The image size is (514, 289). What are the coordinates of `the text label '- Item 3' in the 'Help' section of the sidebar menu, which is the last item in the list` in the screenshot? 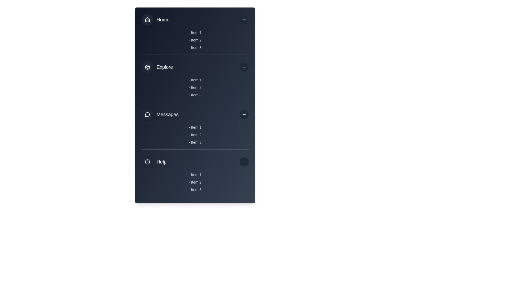 It's located at (195, 189).